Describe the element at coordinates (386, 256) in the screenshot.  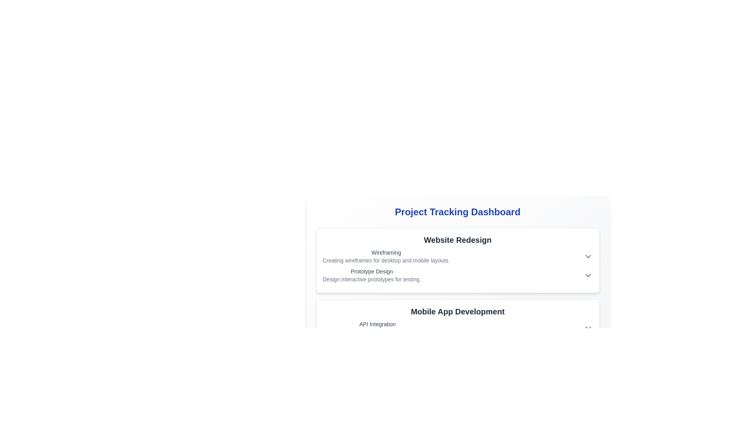
I see `the Text block providing information about wireframing for desktop and mobile layout projects, located at the top position within the 'Website Redesign' section of the 'Project Tracking Dashboard'` at that location.